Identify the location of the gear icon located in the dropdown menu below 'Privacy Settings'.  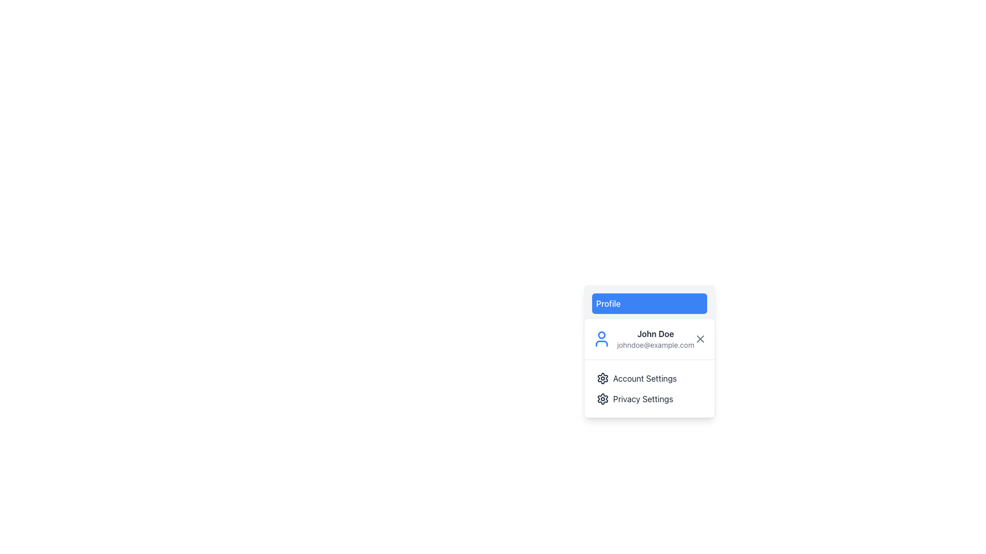
(603, 378).